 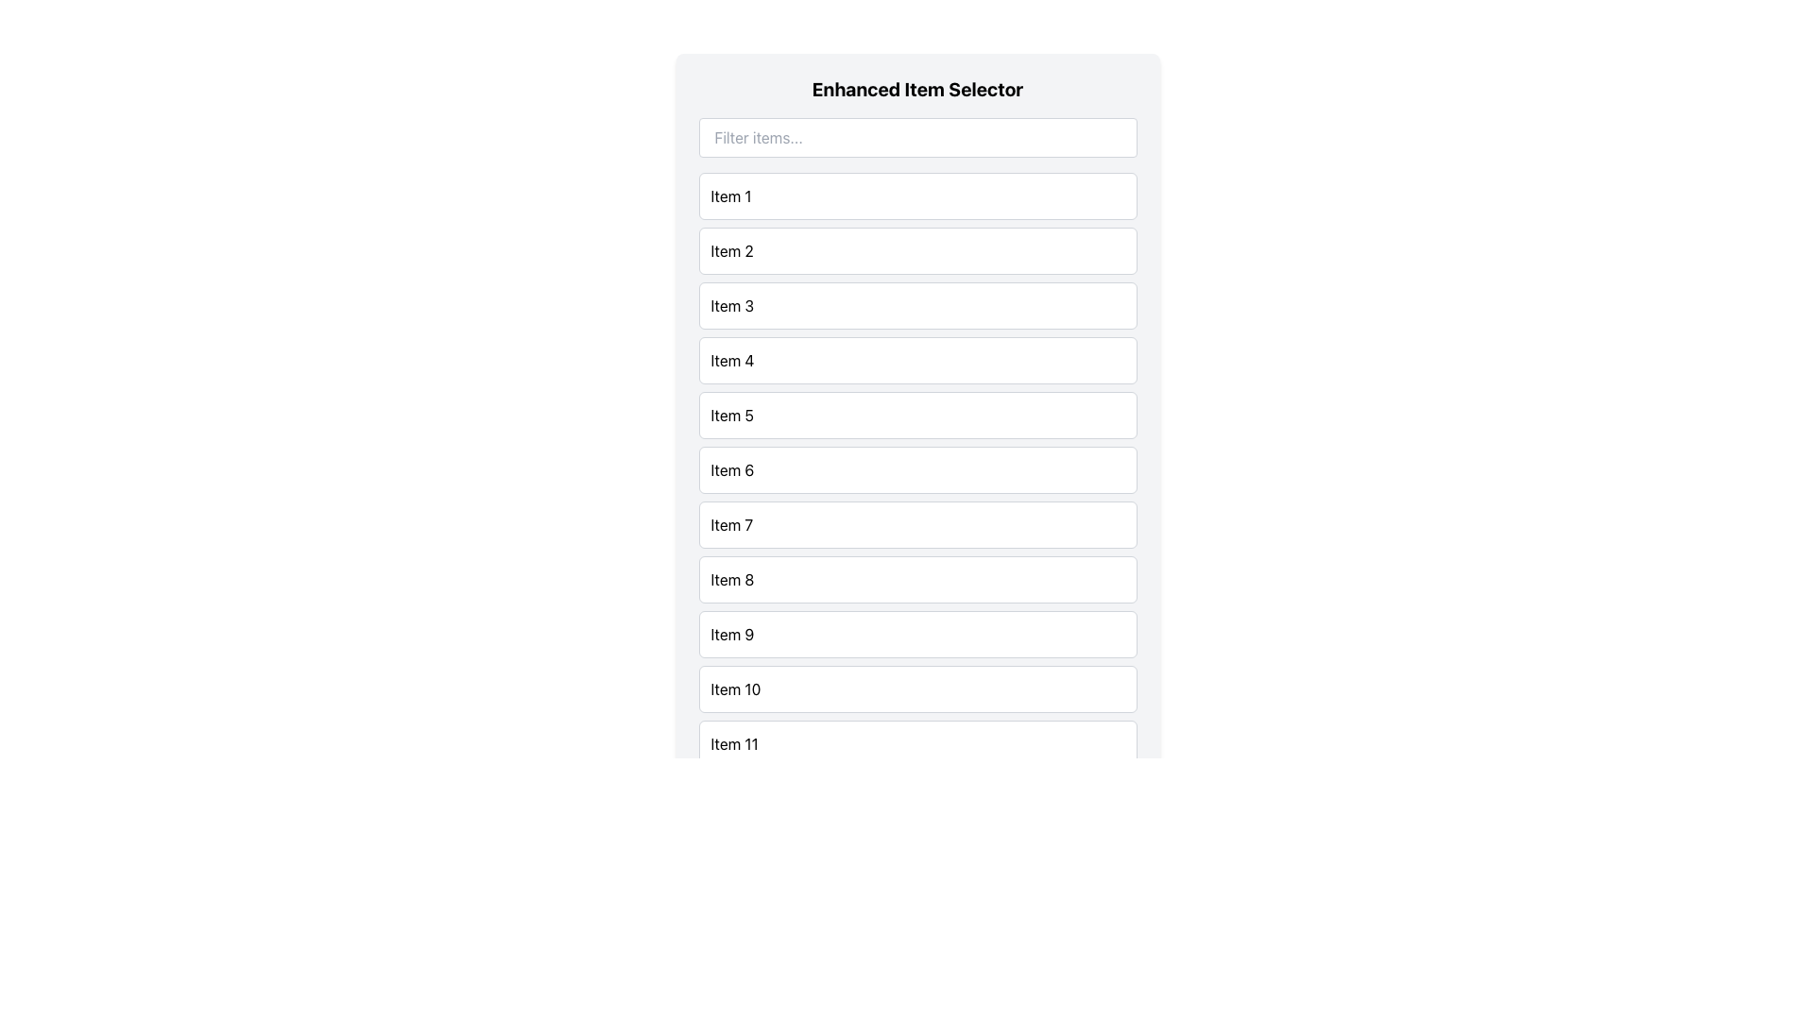 I want to click on the fifth item in the list, so click(x=917, y=414).